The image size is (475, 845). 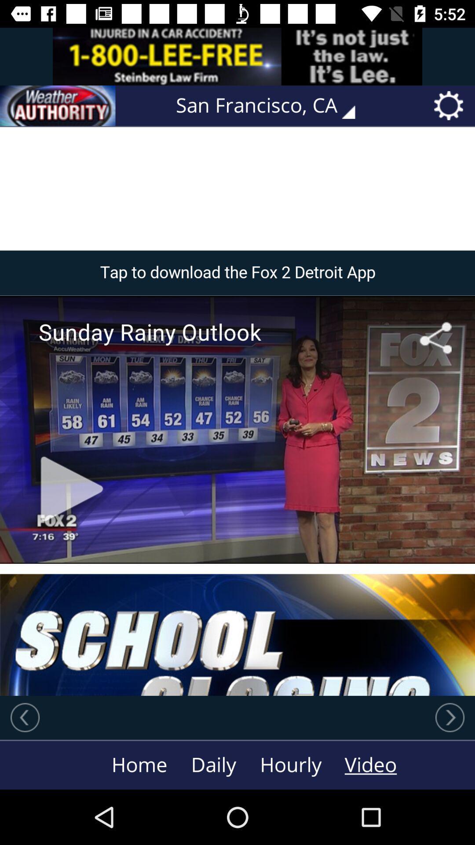 I want to click on advertisement, so click(x=237, y=56).